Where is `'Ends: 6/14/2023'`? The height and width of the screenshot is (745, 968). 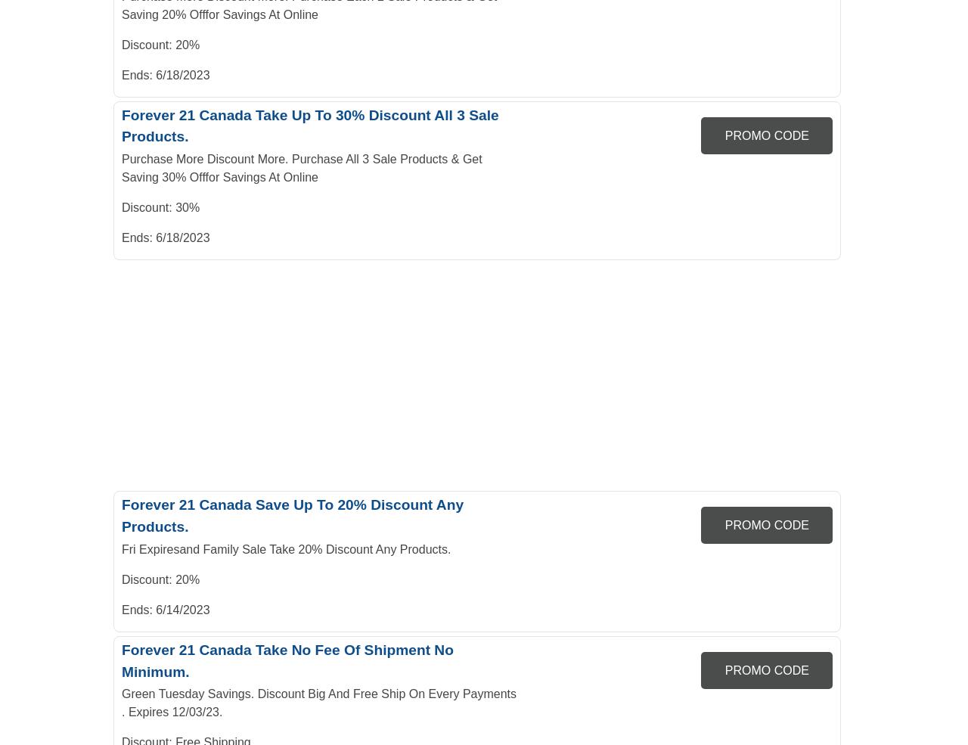
'Ends: 6/14/2023' is located at coordinates (122, 608).